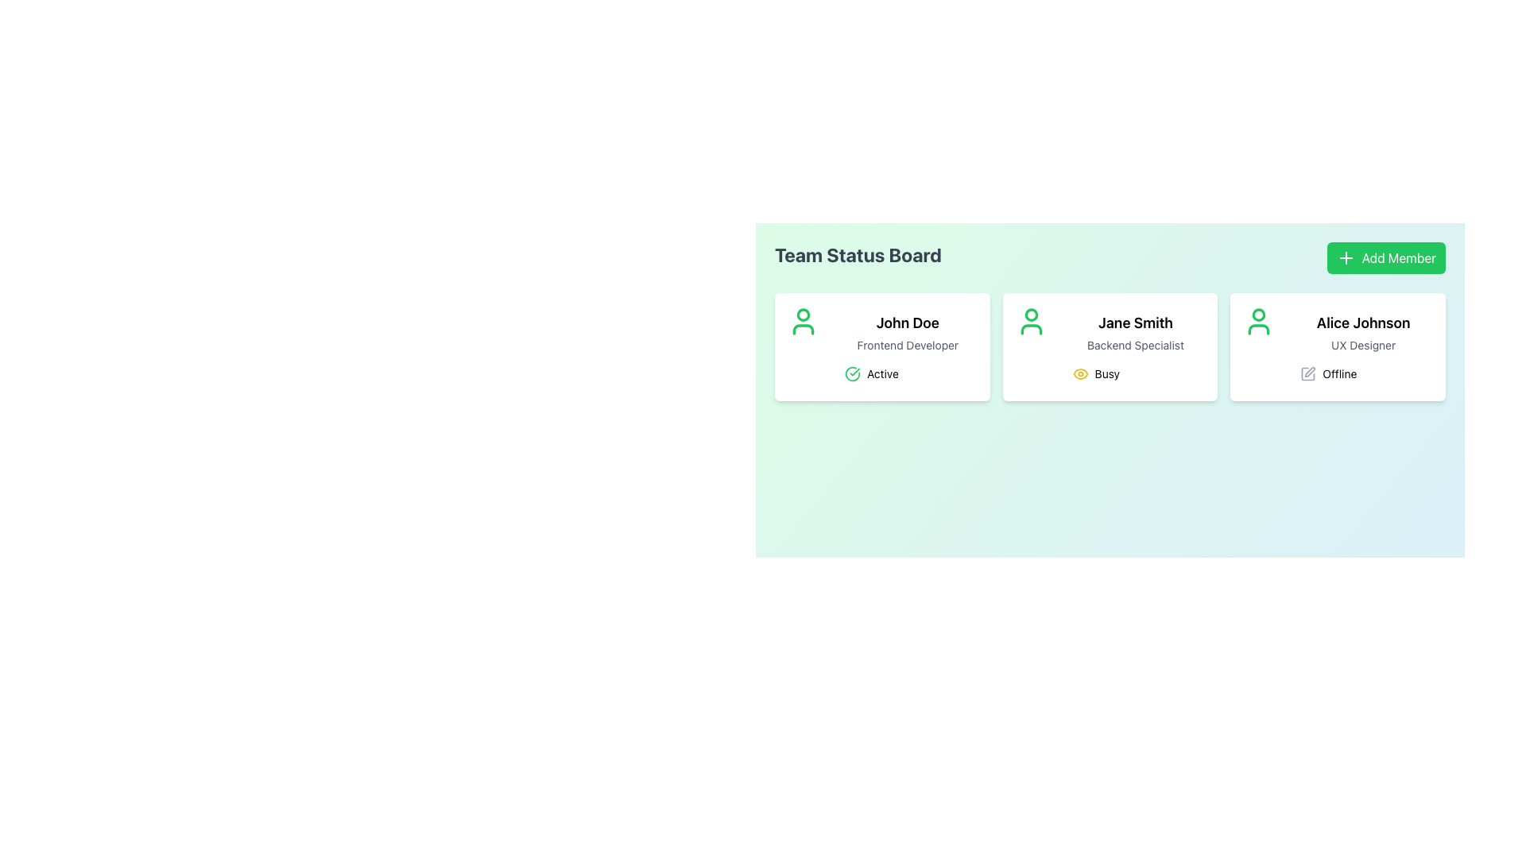 The width and height of the screenshot is (1526, 858). Describe the element at coordinates (1258, 315) in the screenshot. I see `circular graphic with a green border located in the third profile card from the left in the 'Team Status Board'` at that location.